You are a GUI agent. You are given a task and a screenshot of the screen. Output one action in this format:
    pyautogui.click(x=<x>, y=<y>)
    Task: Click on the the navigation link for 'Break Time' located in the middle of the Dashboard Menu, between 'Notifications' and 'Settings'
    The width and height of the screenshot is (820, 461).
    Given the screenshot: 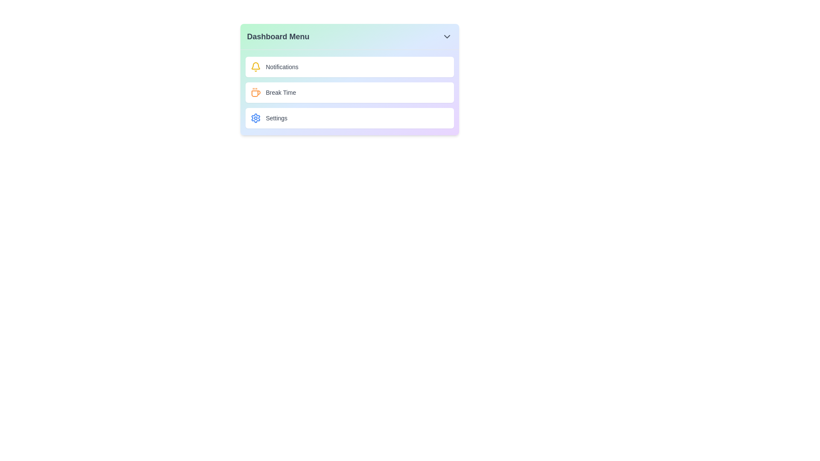 What is the action you would take?
    pyautogui.click(x=349, y=92)
    